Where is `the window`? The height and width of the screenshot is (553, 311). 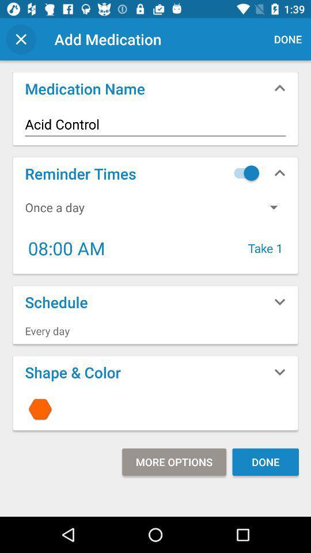
the window is located at coordinates (21, 39).